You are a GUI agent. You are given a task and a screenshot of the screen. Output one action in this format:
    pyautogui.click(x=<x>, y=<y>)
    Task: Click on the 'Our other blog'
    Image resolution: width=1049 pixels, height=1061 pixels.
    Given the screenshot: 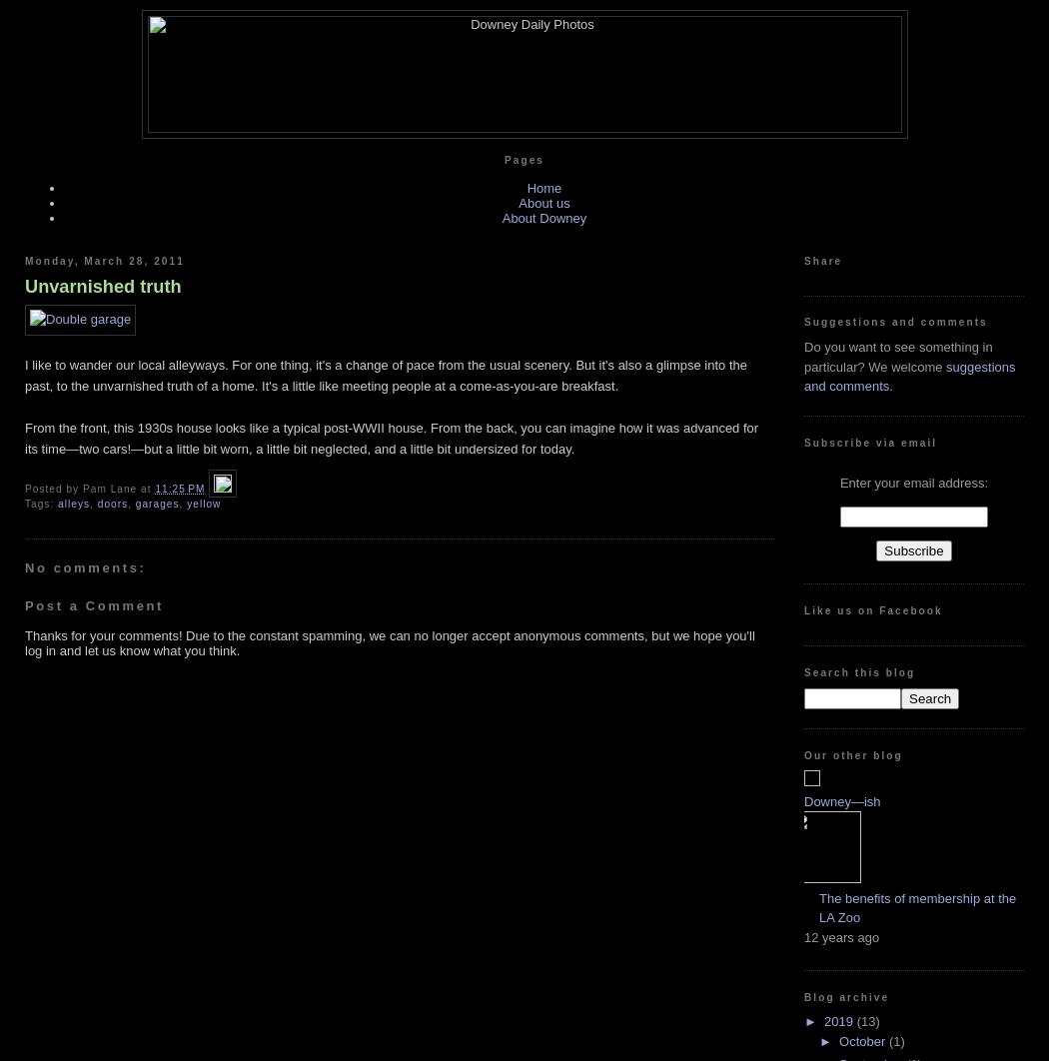 What is the action you would take?
    pyautogui.click(x=852, y=754)
    